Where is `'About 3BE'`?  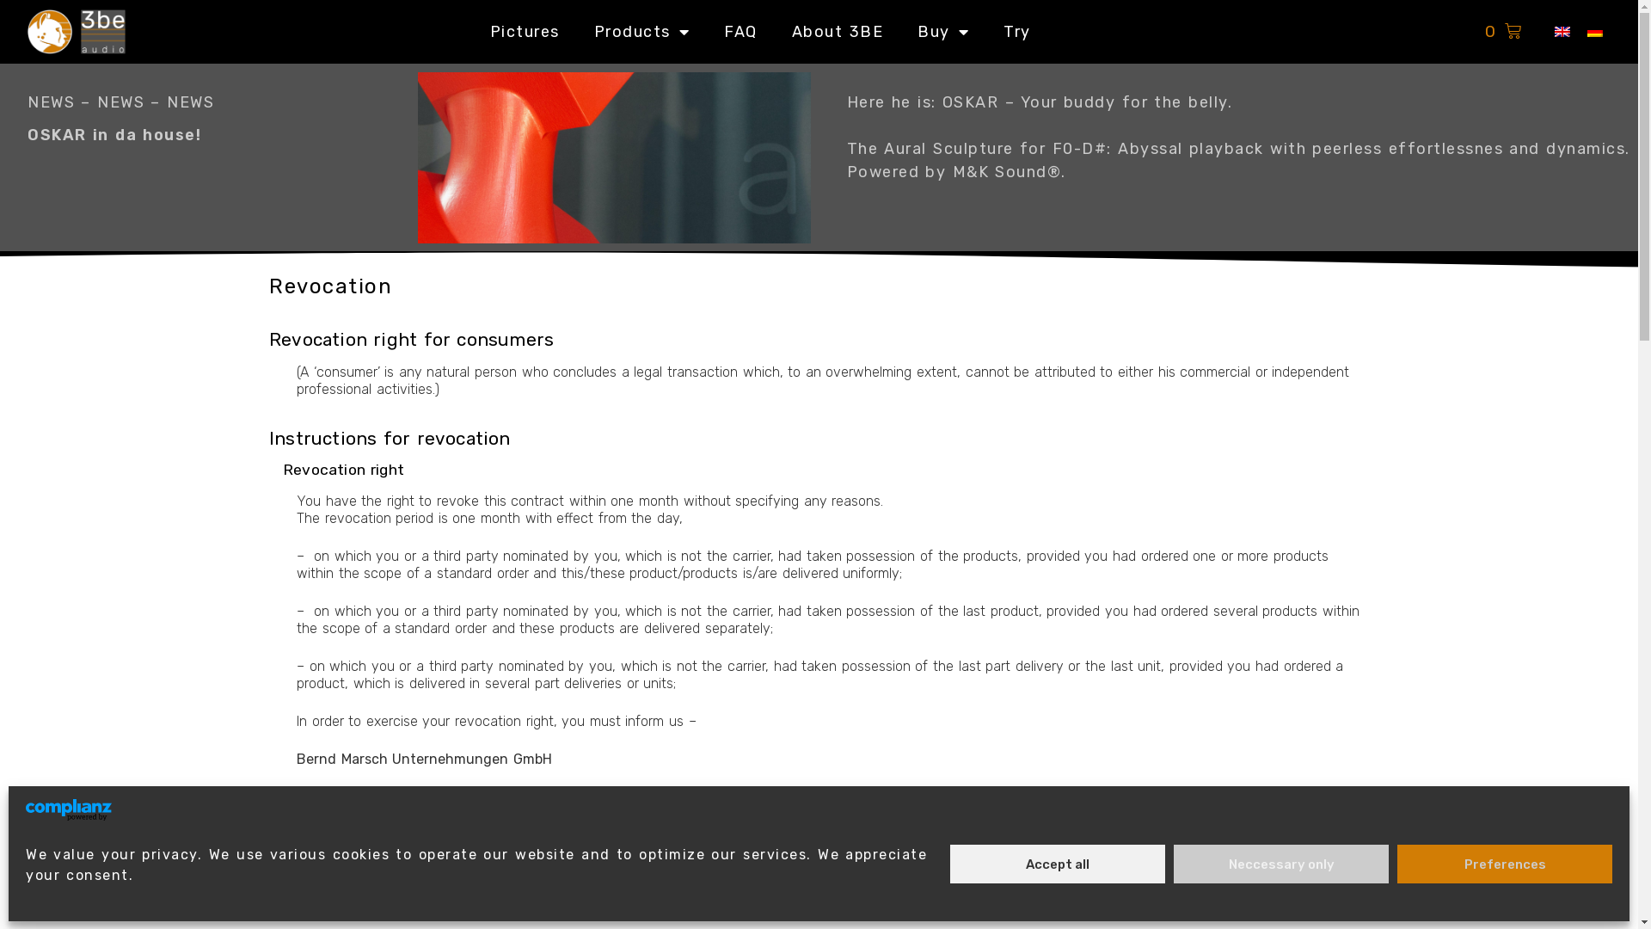 'About 3BE' is located at coordinates (838, 31).